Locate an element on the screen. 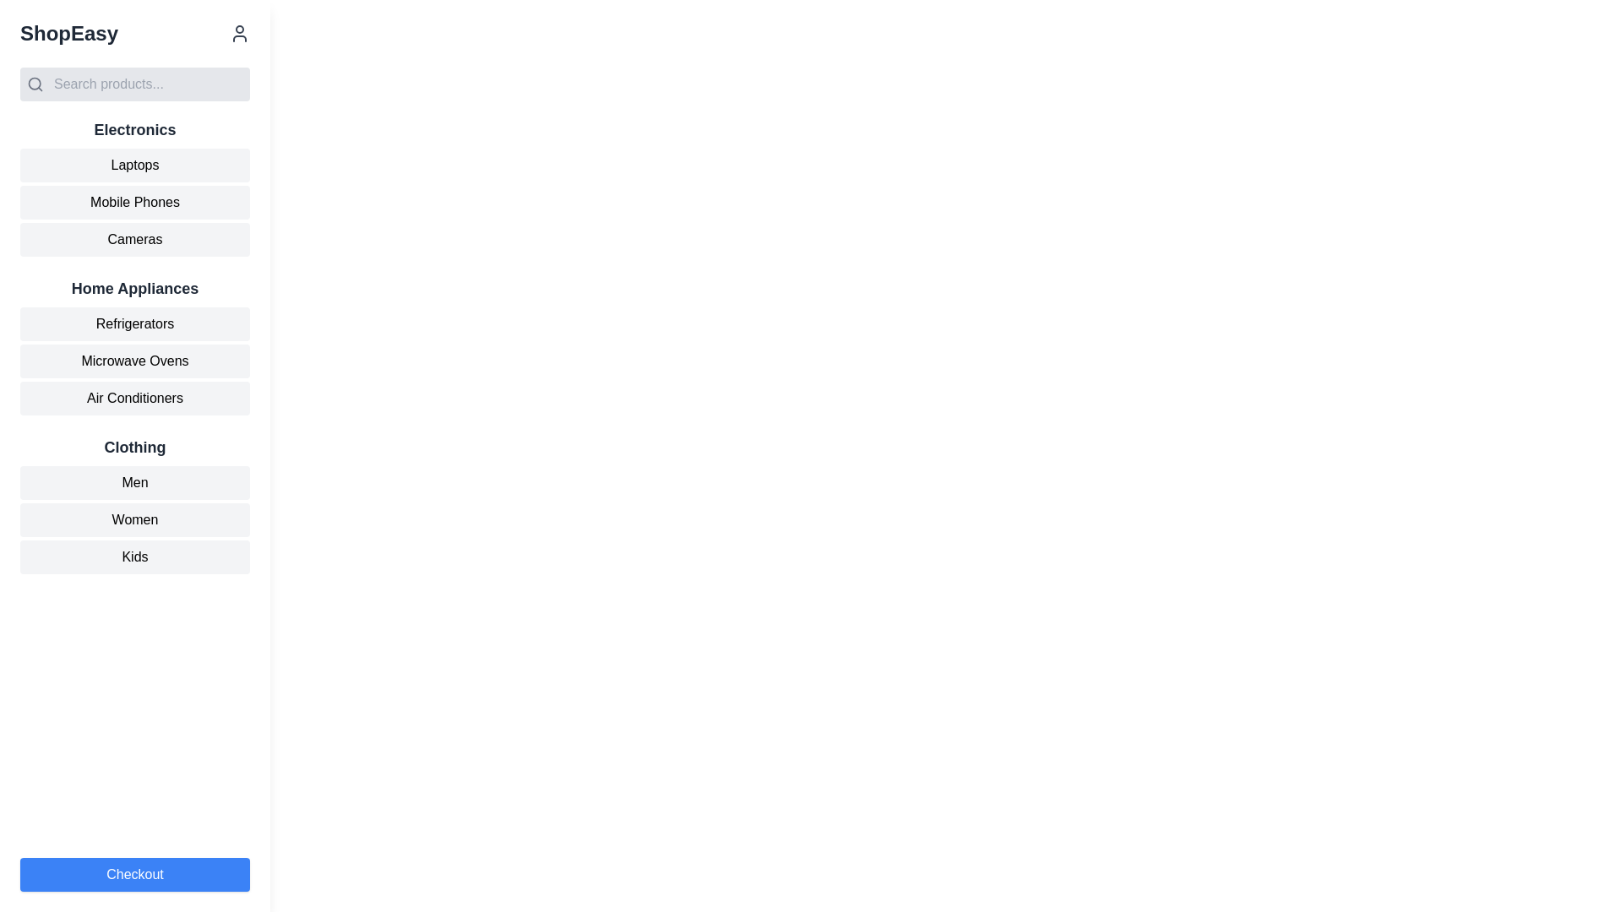 This screenshot has height=912, width=1622. the navigational button located in the 'Home Appliances' section of the sidebar menu is located at coordinates (133, 324).